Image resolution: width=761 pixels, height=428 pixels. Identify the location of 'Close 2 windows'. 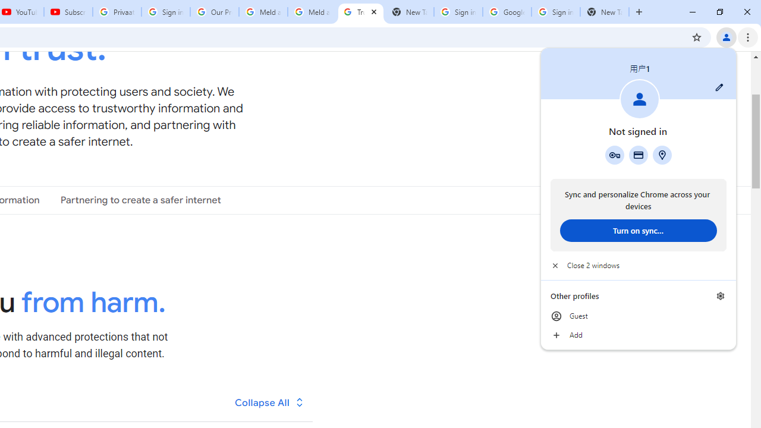
(637, 265).